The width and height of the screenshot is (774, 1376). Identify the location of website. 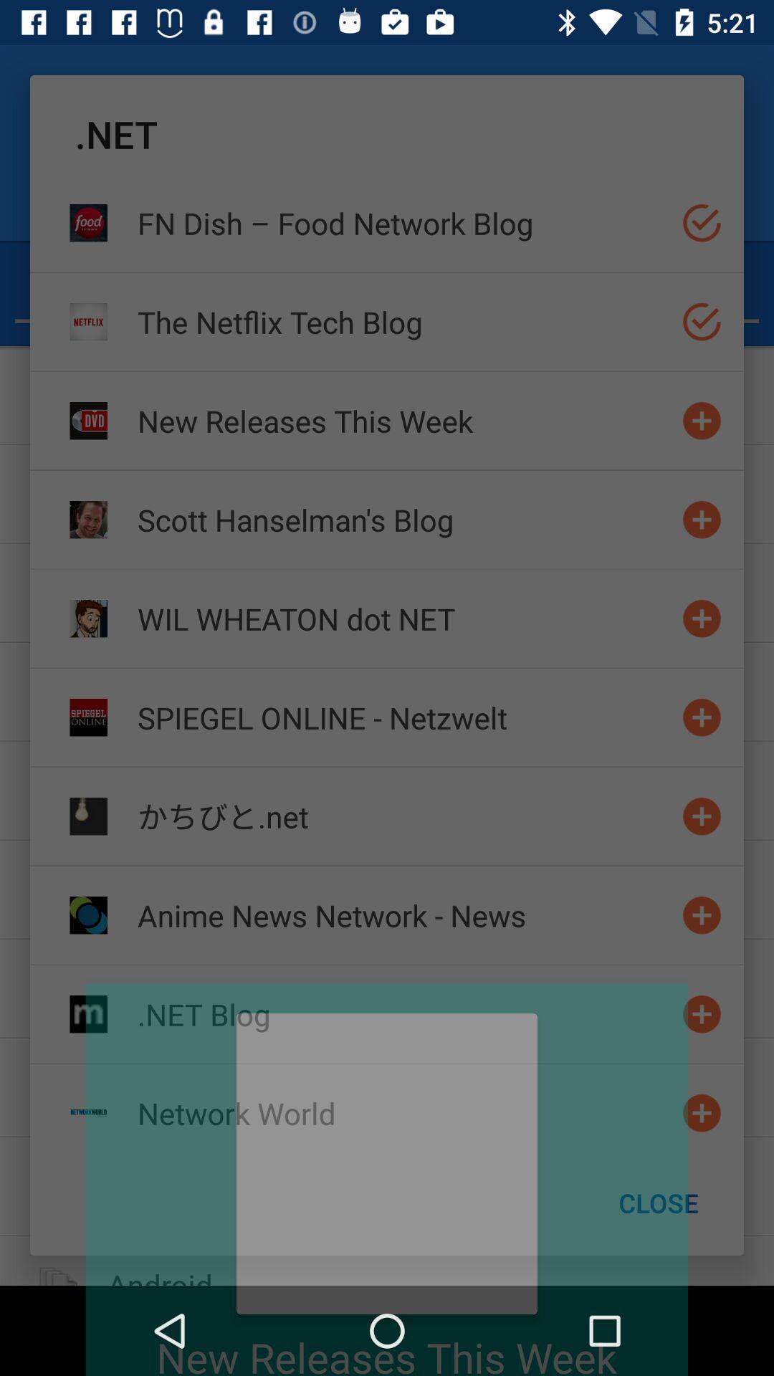
(701, 816).